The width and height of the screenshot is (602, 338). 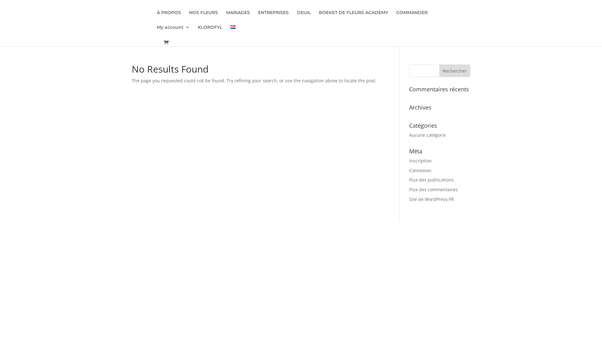 What do you see at coordinates (455, 70) in the screenshot?
I see `'Rechercher'` at bounding box center [455, 70].